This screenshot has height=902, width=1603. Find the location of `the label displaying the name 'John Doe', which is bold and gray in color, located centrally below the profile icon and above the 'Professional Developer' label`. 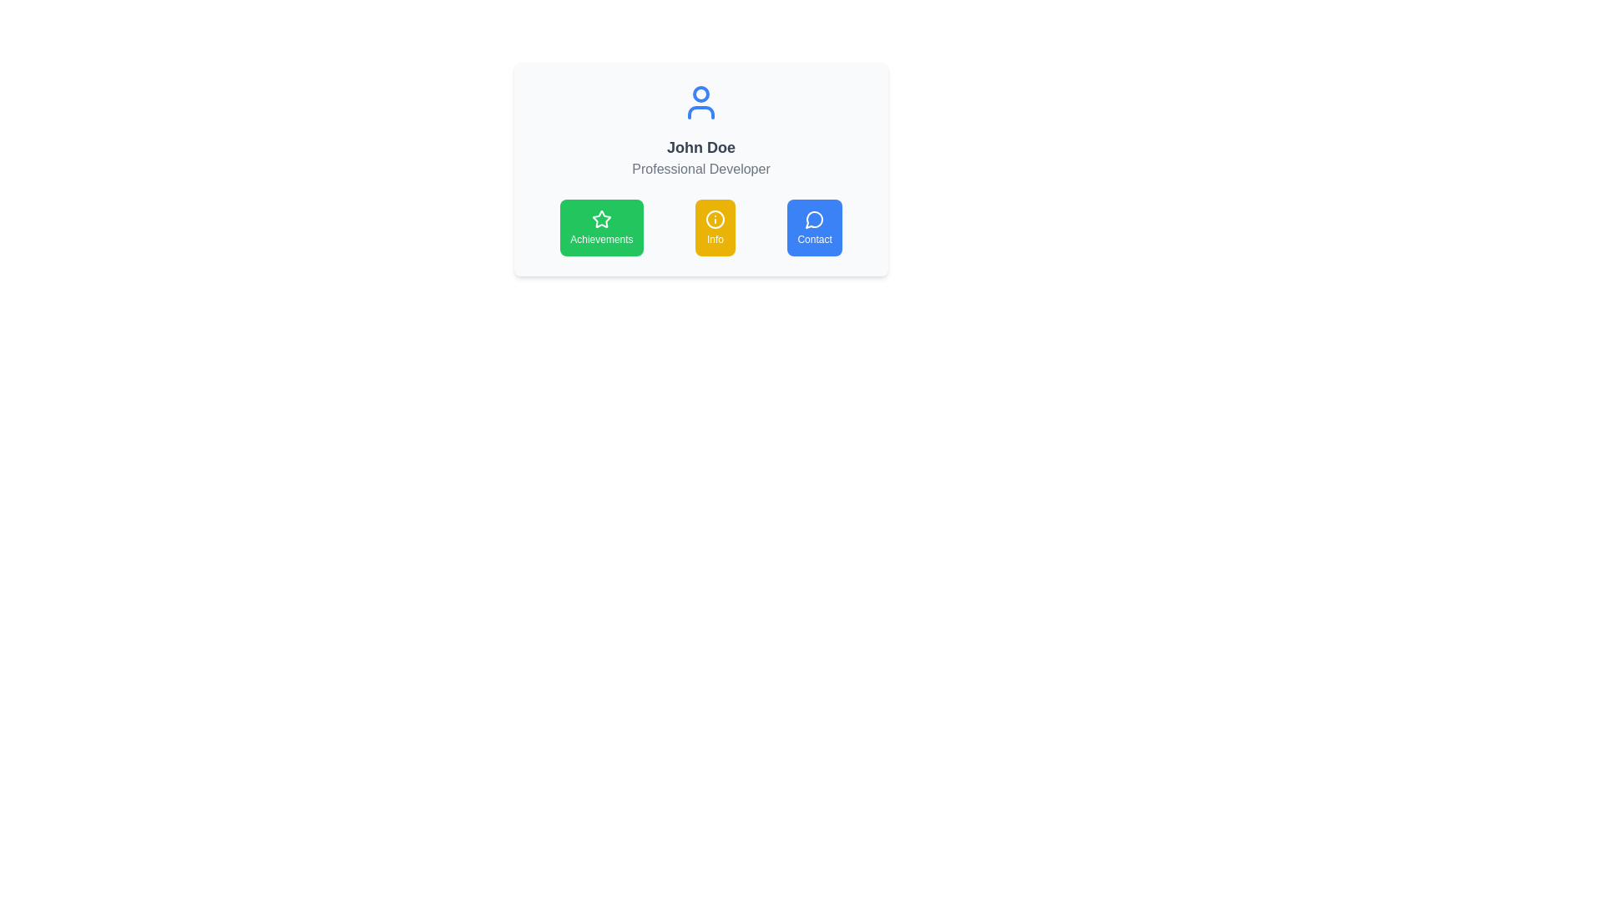

the label displaying the name 'John Doe', which is bold and gray in color, located centrally below the profile icon and above the 'Professional Developer' label is located at coordinates (701, 147).